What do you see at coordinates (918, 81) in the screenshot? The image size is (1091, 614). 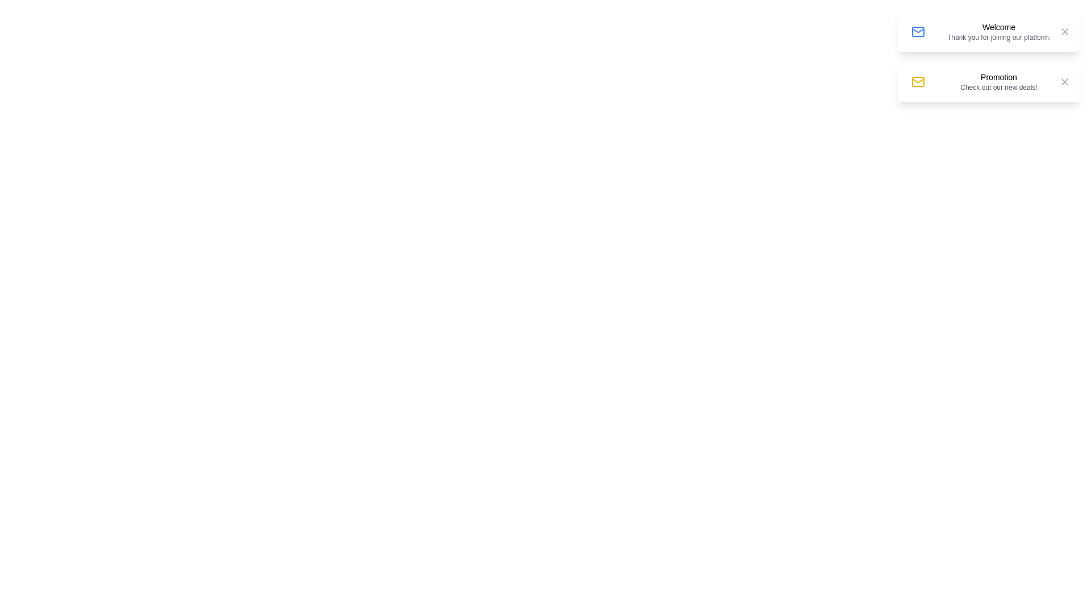 I see `the rectangular graphical shape with rounded corners that is part of the envelope icon, located to the left of the text label 'Promotion'` at bounding box center [918, 81].